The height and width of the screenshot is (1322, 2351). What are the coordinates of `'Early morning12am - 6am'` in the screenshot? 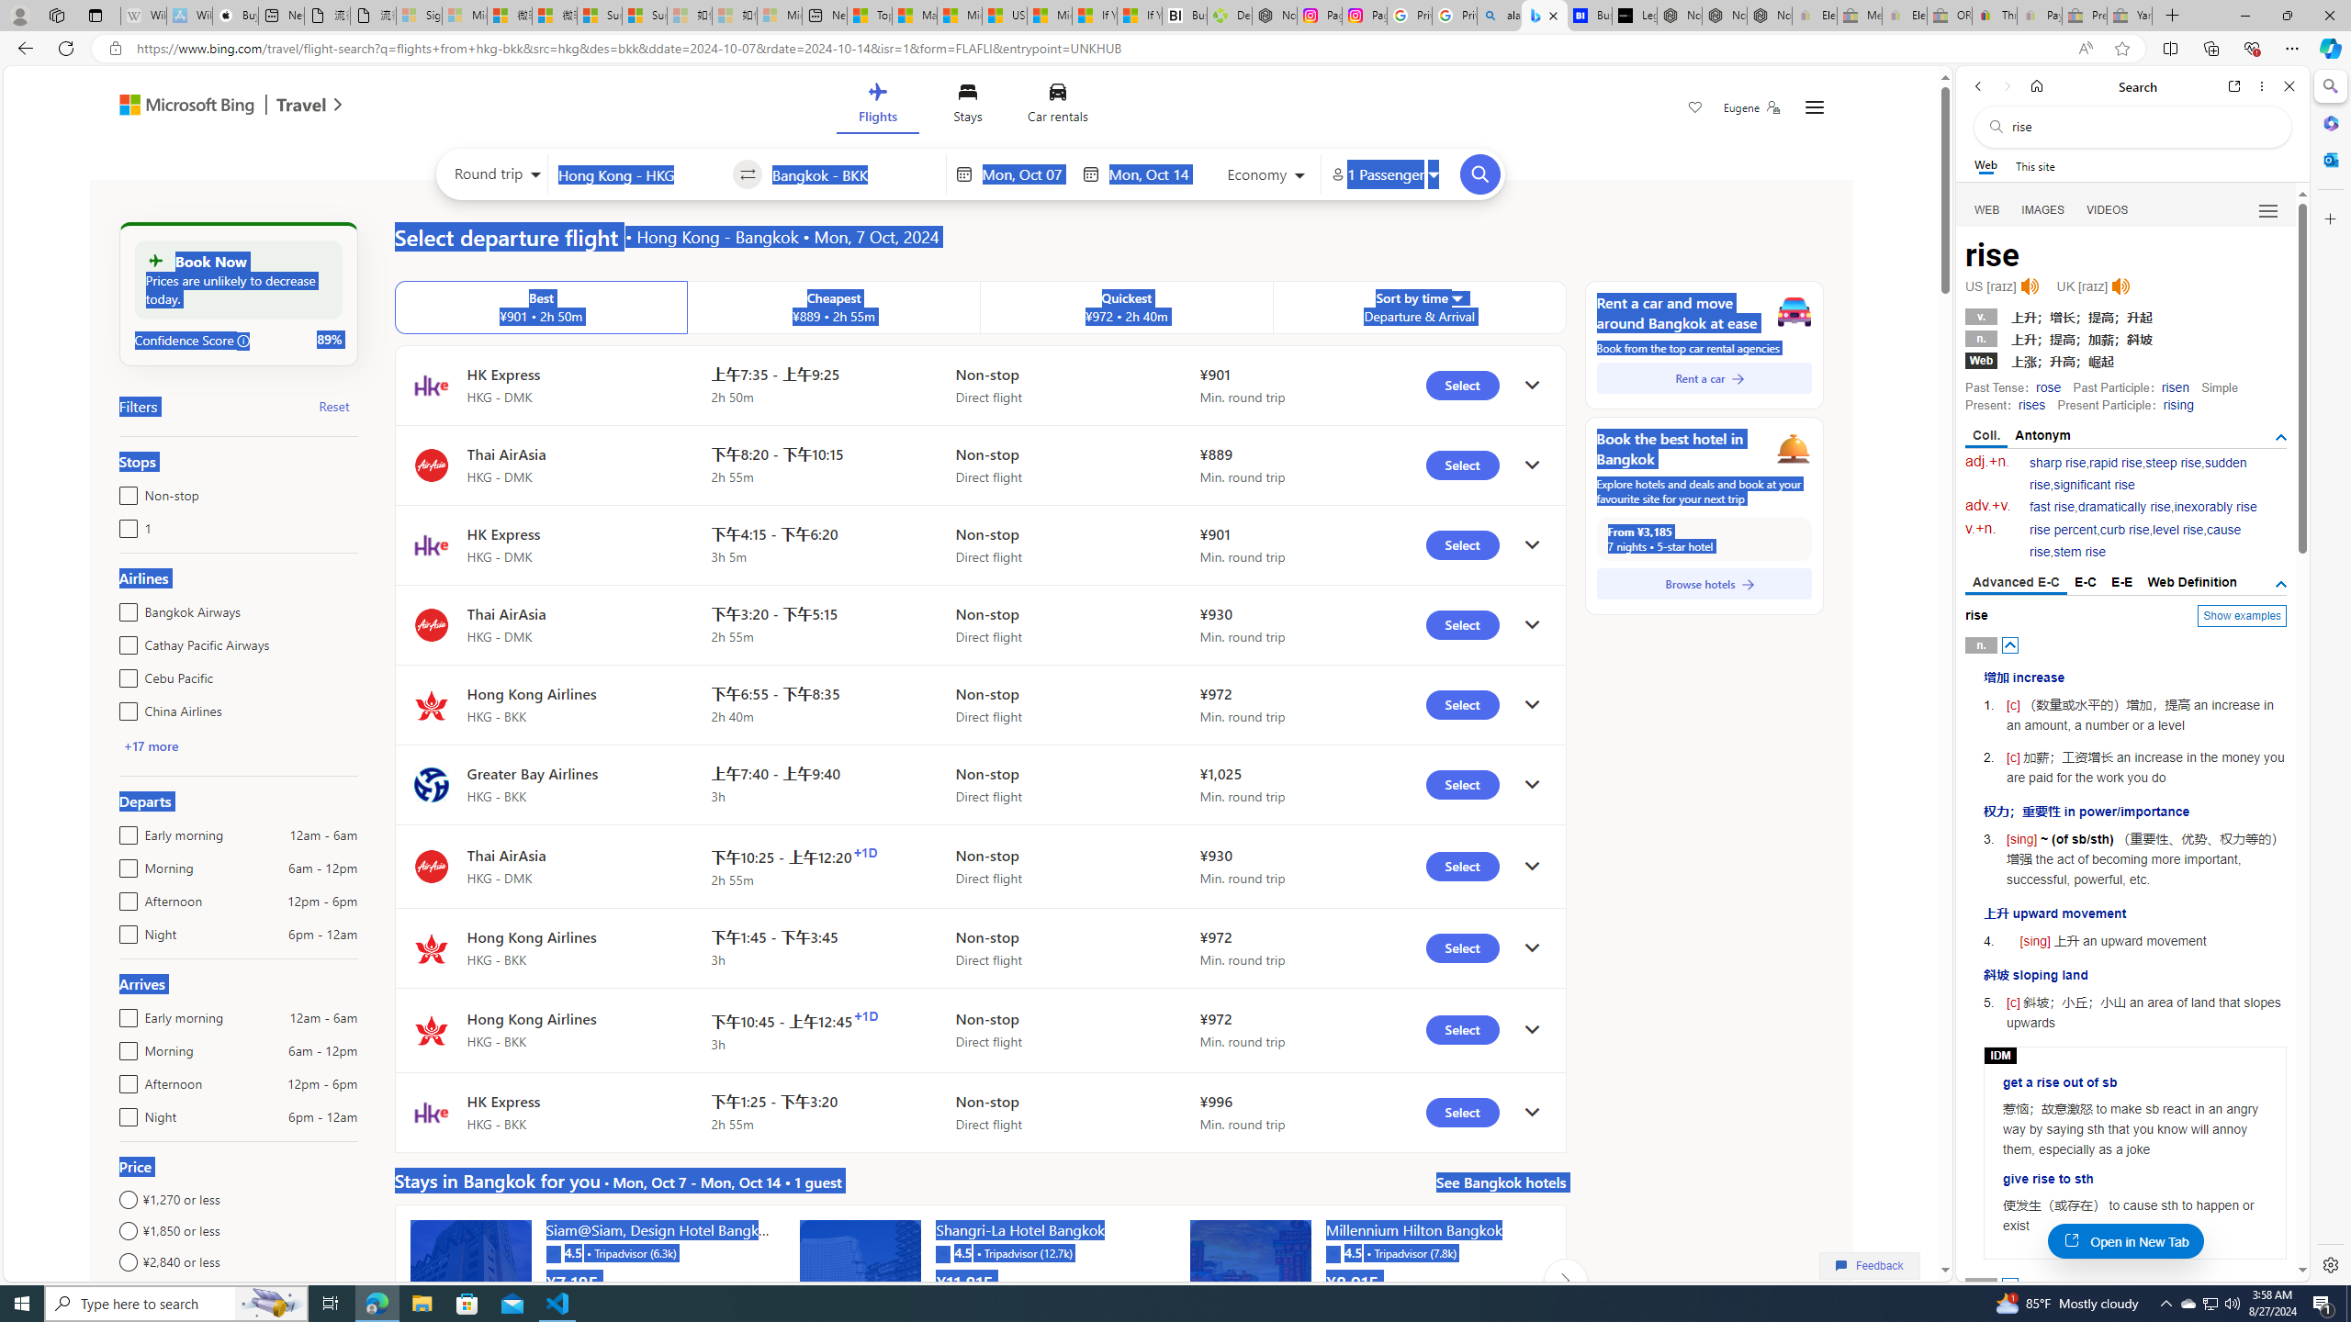 It's located at (123, 1013).